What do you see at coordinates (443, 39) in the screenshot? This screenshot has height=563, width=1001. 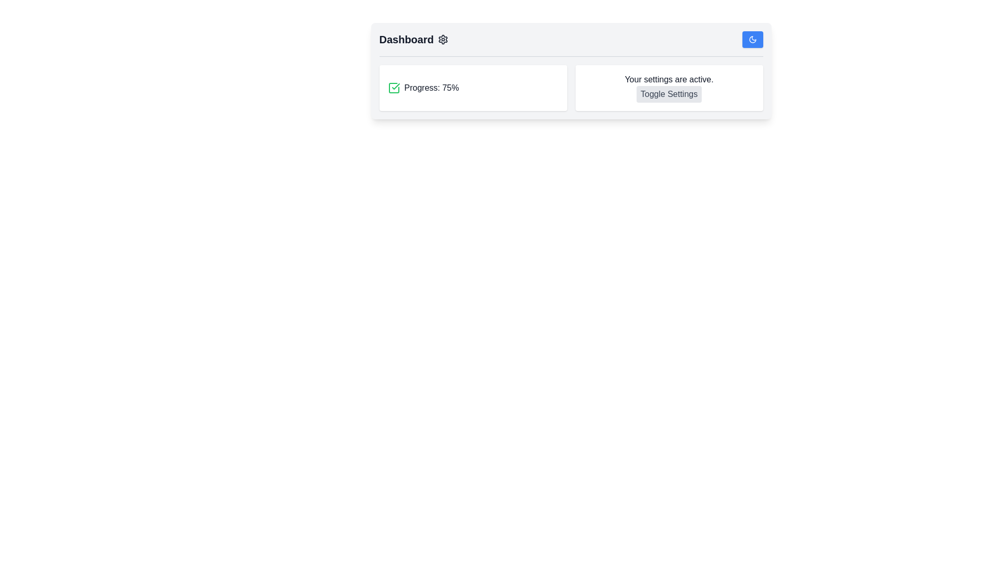 I see `the largest component of the settings icon, which is part of a gear design located next to the 'Dashboard' text at the top-left of the interface` at bounding box center [443, 39].